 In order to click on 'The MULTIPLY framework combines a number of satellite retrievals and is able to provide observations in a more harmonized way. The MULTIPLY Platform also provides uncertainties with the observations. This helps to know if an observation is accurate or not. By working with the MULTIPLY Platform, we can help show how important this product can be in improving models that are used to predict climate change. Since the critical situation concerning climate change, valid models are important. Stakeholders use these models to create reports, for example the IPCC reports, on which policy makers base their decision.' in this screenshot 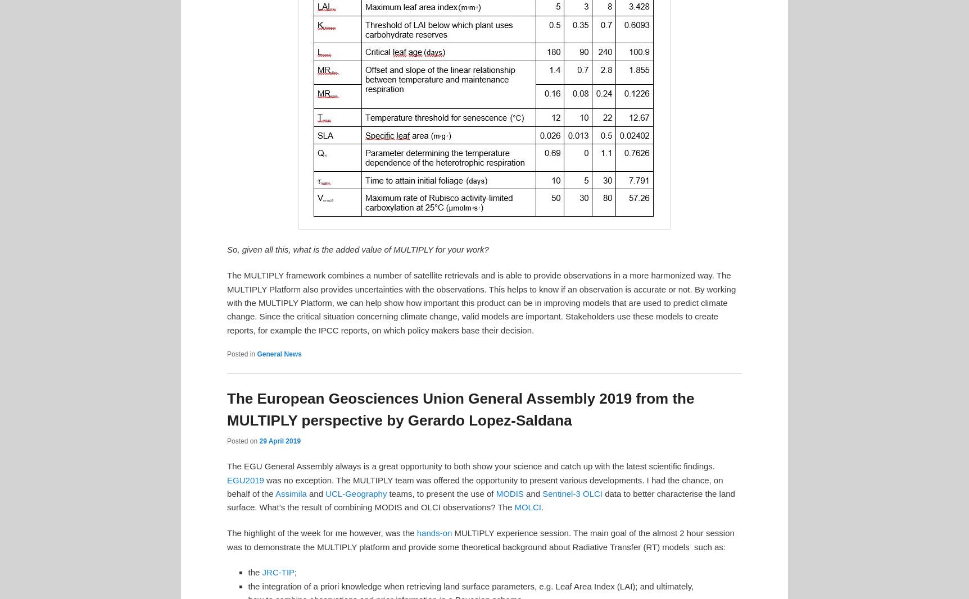, I will do `click(481, 303)`.